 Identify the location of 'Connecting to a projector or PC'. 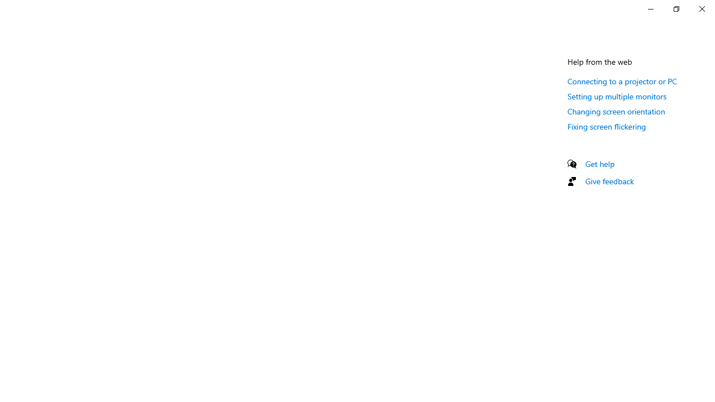
(622, 80).